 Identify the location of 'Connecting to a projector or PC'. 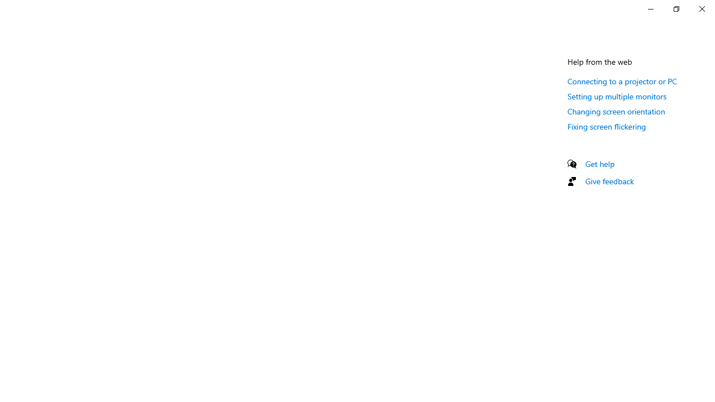
(622, 80).